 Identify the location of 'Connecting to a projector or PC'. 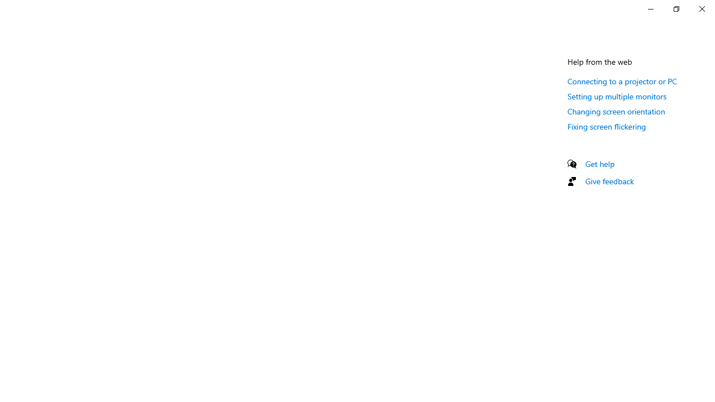
(622, 80).